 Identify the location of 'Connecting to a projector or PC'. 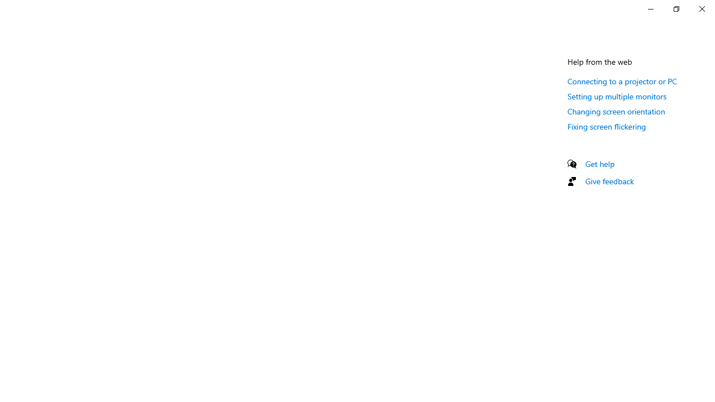
(622, 80).